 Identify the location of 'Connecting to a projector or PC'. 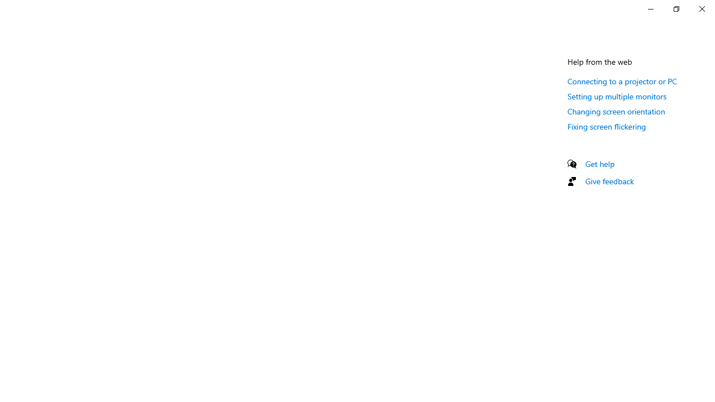
(622, 80).